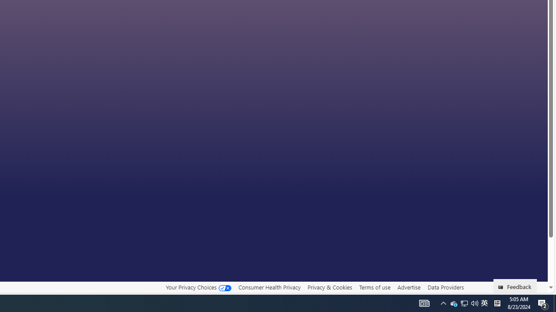 The image size is (556, 312). I want to click on 'Data Providers', so click(445, 287).